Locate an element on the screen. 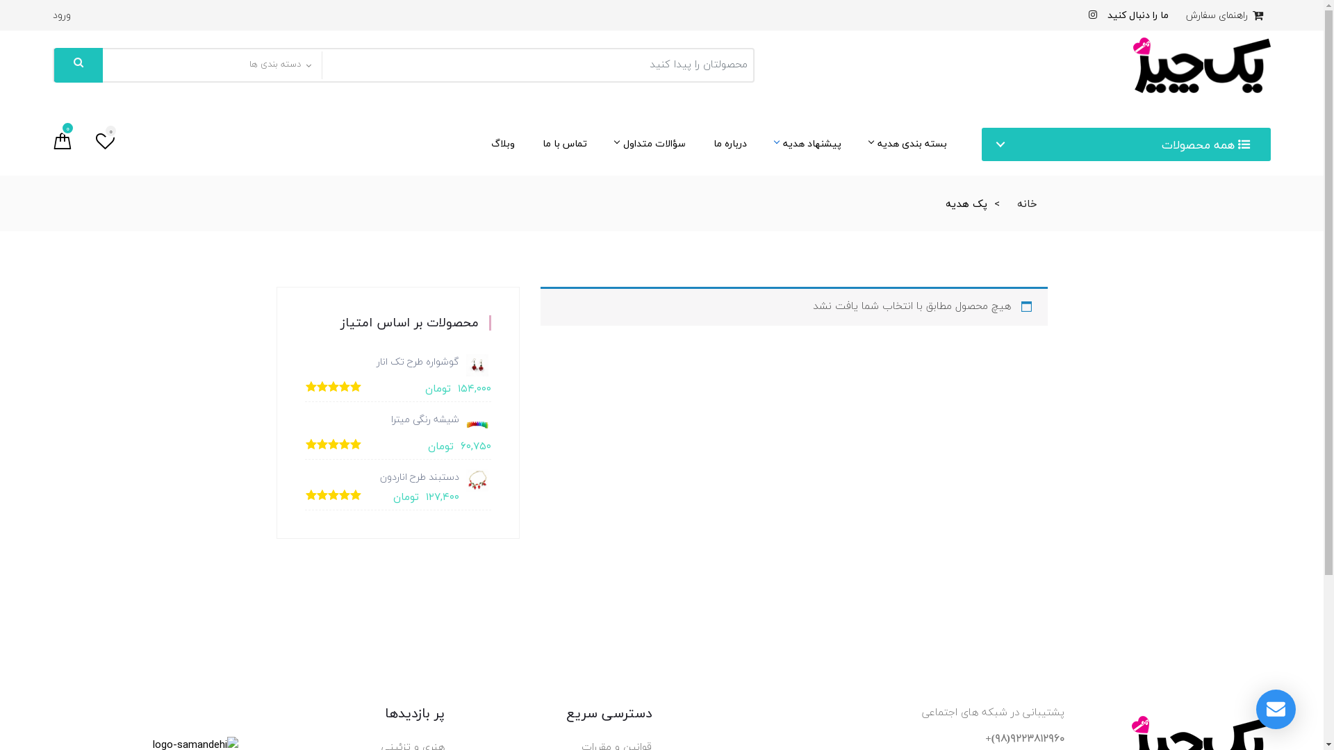 The image size is (1334, 750). '0' is located at coordinates (104, 143).